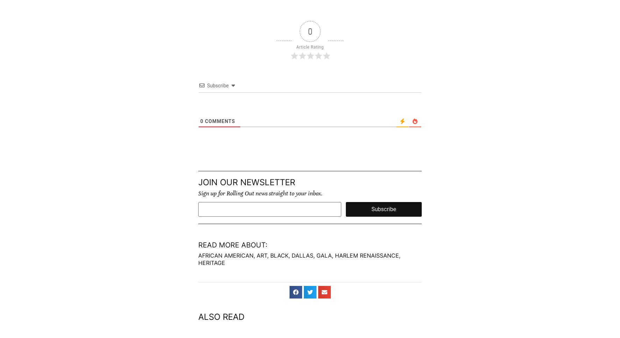 This screenshot has height=338, width=620. Describe the element at coordinates (198, 317) in the screenshot. I see `'Also read'` at that location.